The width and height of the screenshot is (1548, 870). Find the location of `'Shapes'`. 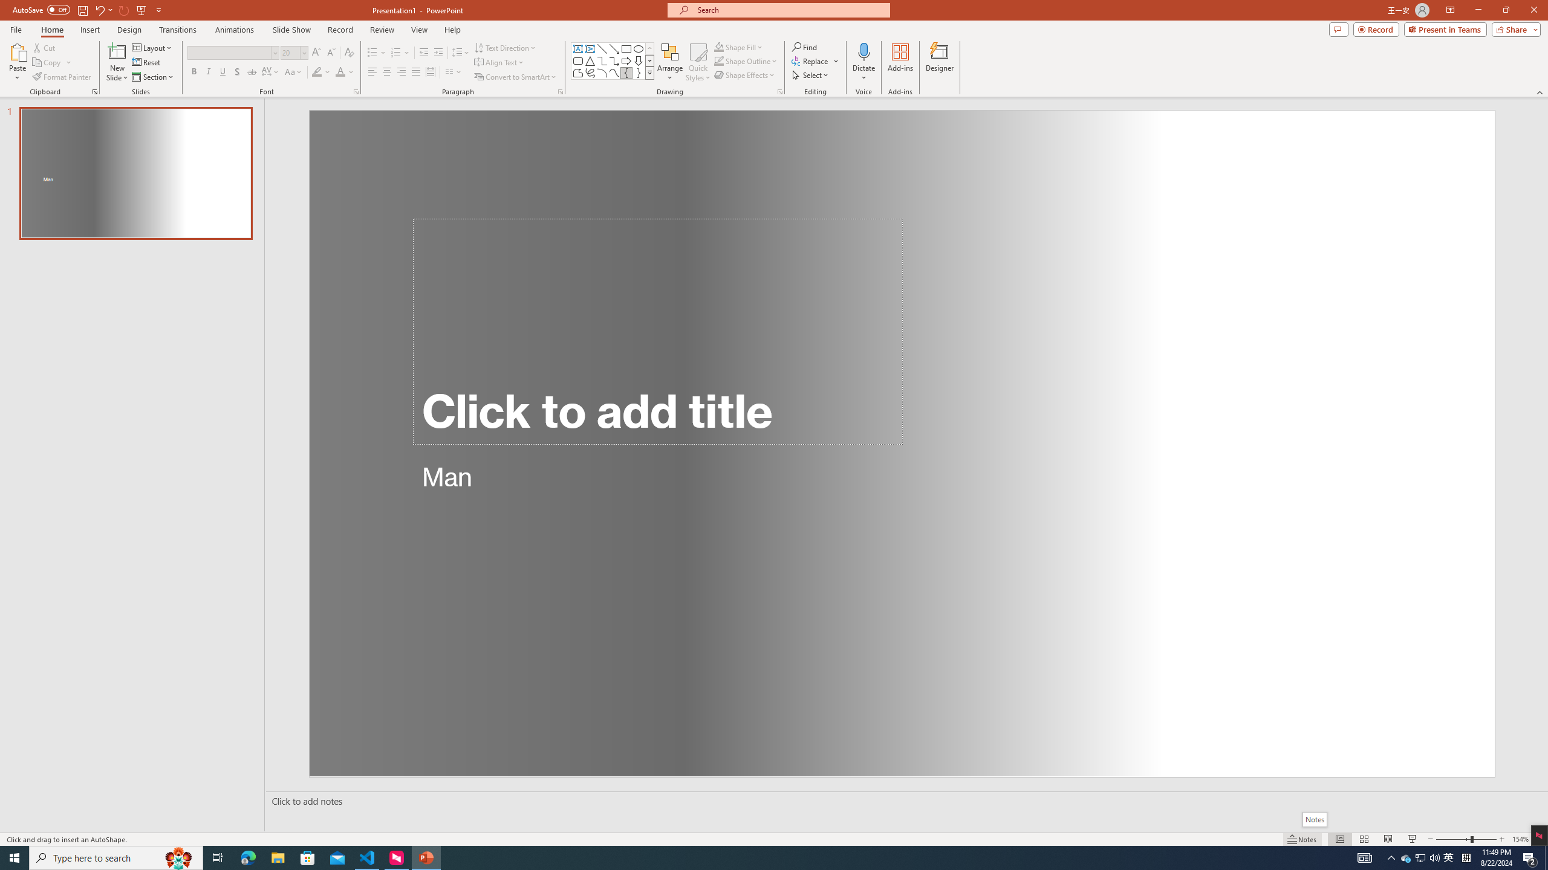

'Shapes' is located at coordinates (650, 72).